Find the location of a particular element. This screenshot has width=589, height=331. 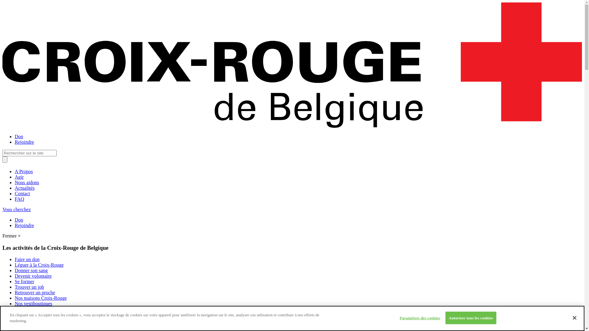

'Se former' is located at coordinates (25, 281).